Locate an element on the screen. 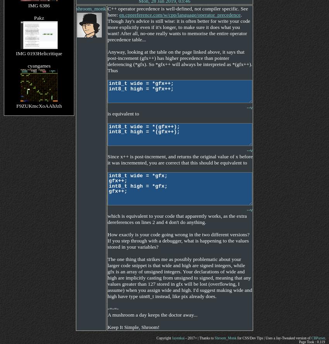  '. Though Jay's advice is still wise: it is often better for write your code more explicitly even if it's longer, to make sure it does what you want! After all, no-one really wants to memorise the entire operator precedence table...' is located at coordinates (178, 27).